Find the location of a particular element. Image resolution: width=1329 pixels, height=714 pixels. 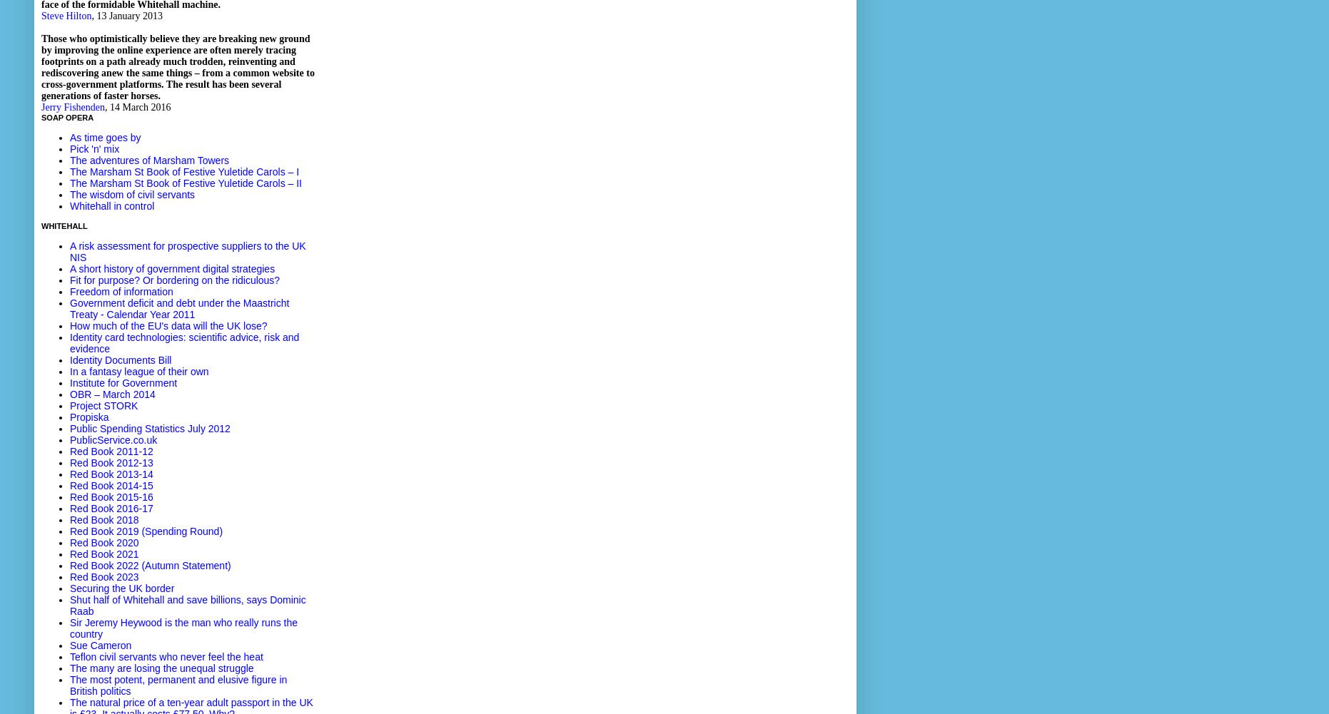

'Public Spending Statistics July 2012' is located at coordinates (69, 429).